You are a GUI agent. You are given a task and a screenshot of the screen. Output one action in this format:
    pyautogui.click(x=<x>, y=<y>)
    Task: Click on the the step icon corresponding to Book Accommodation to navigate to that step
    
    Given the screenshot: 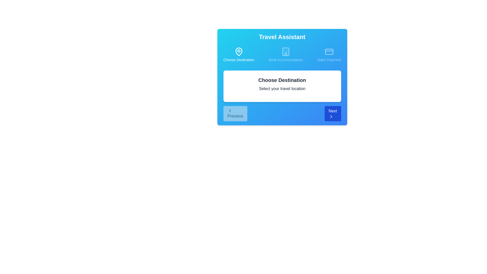 What is the action you would take?
    pyautogui.click(x=286, y=55)
    